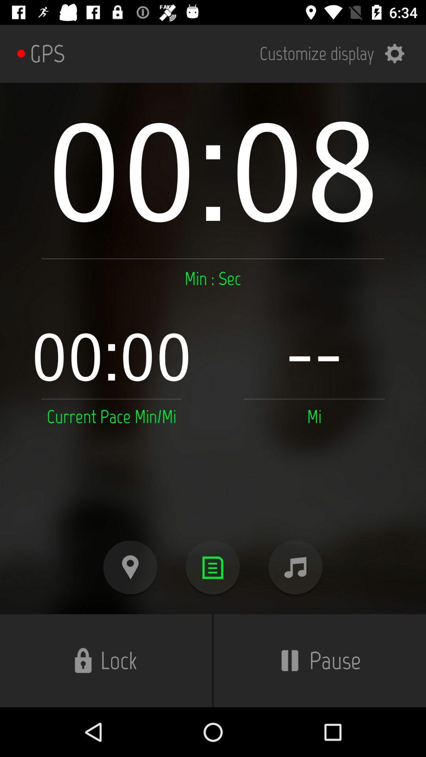 This screenshot has width=426, height=757. I want to click on show details, so click(212, 567).